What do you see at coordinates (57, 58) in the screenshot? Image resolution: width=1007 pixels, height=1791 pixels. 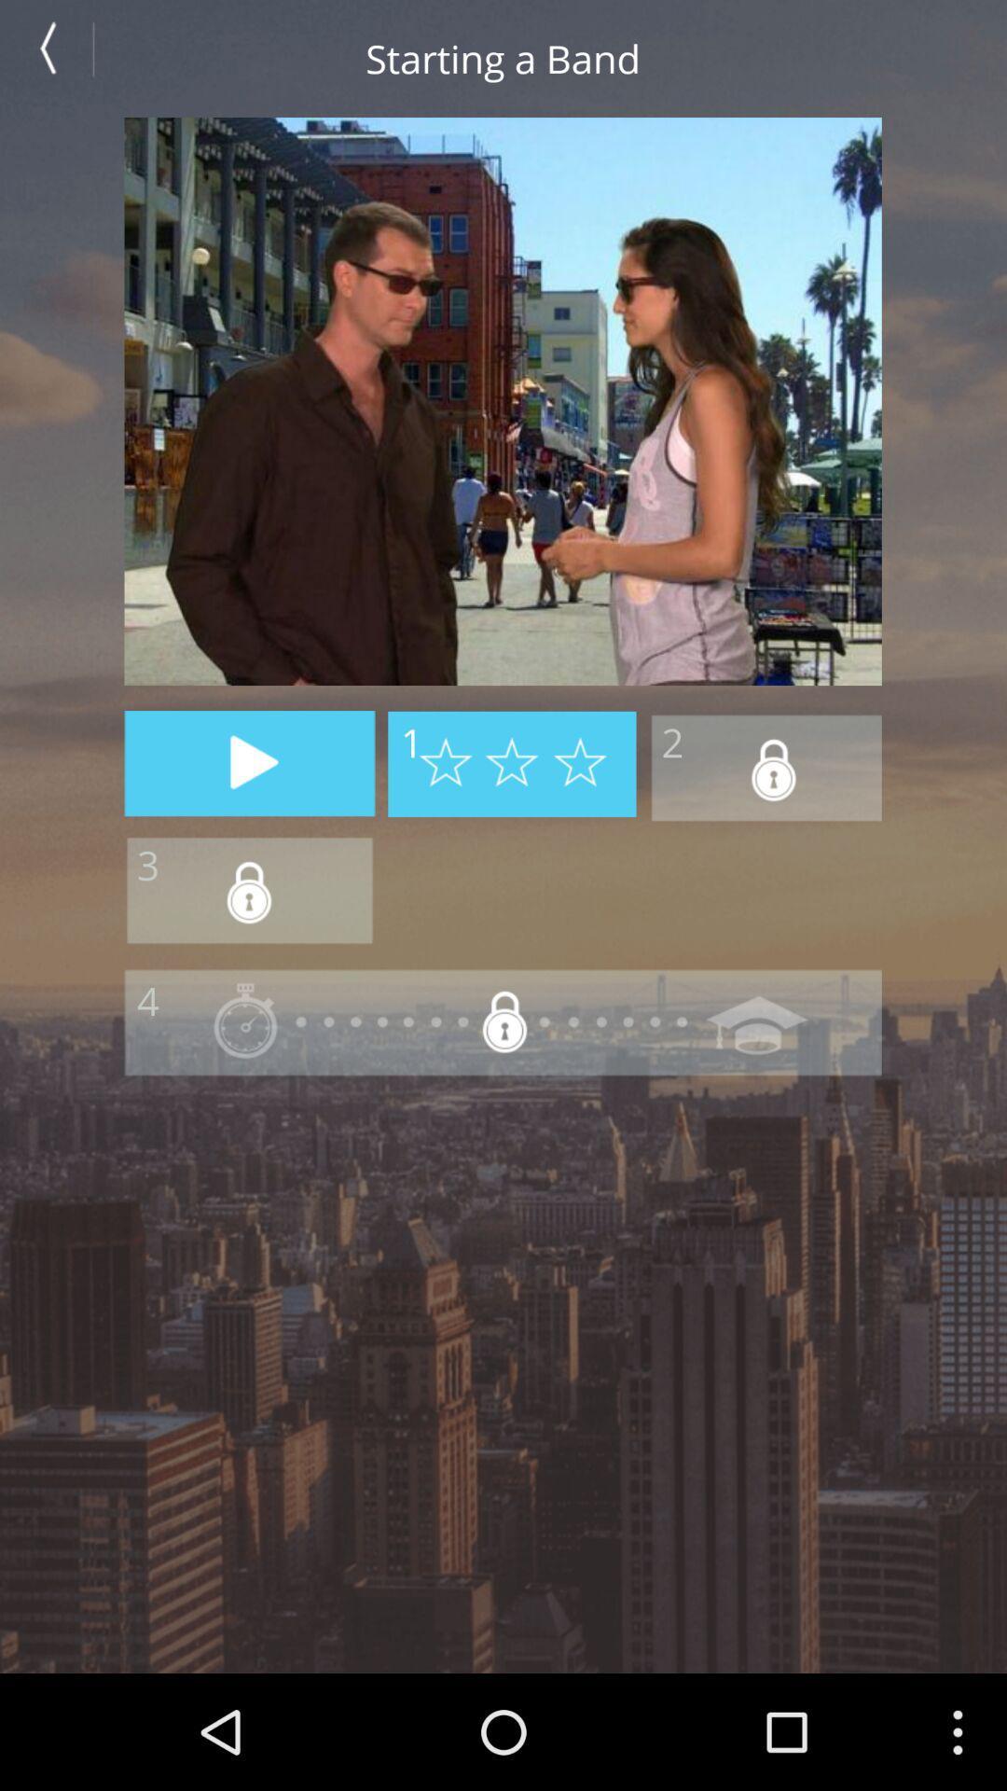 I see `go back` at bounding box center [57, 58].